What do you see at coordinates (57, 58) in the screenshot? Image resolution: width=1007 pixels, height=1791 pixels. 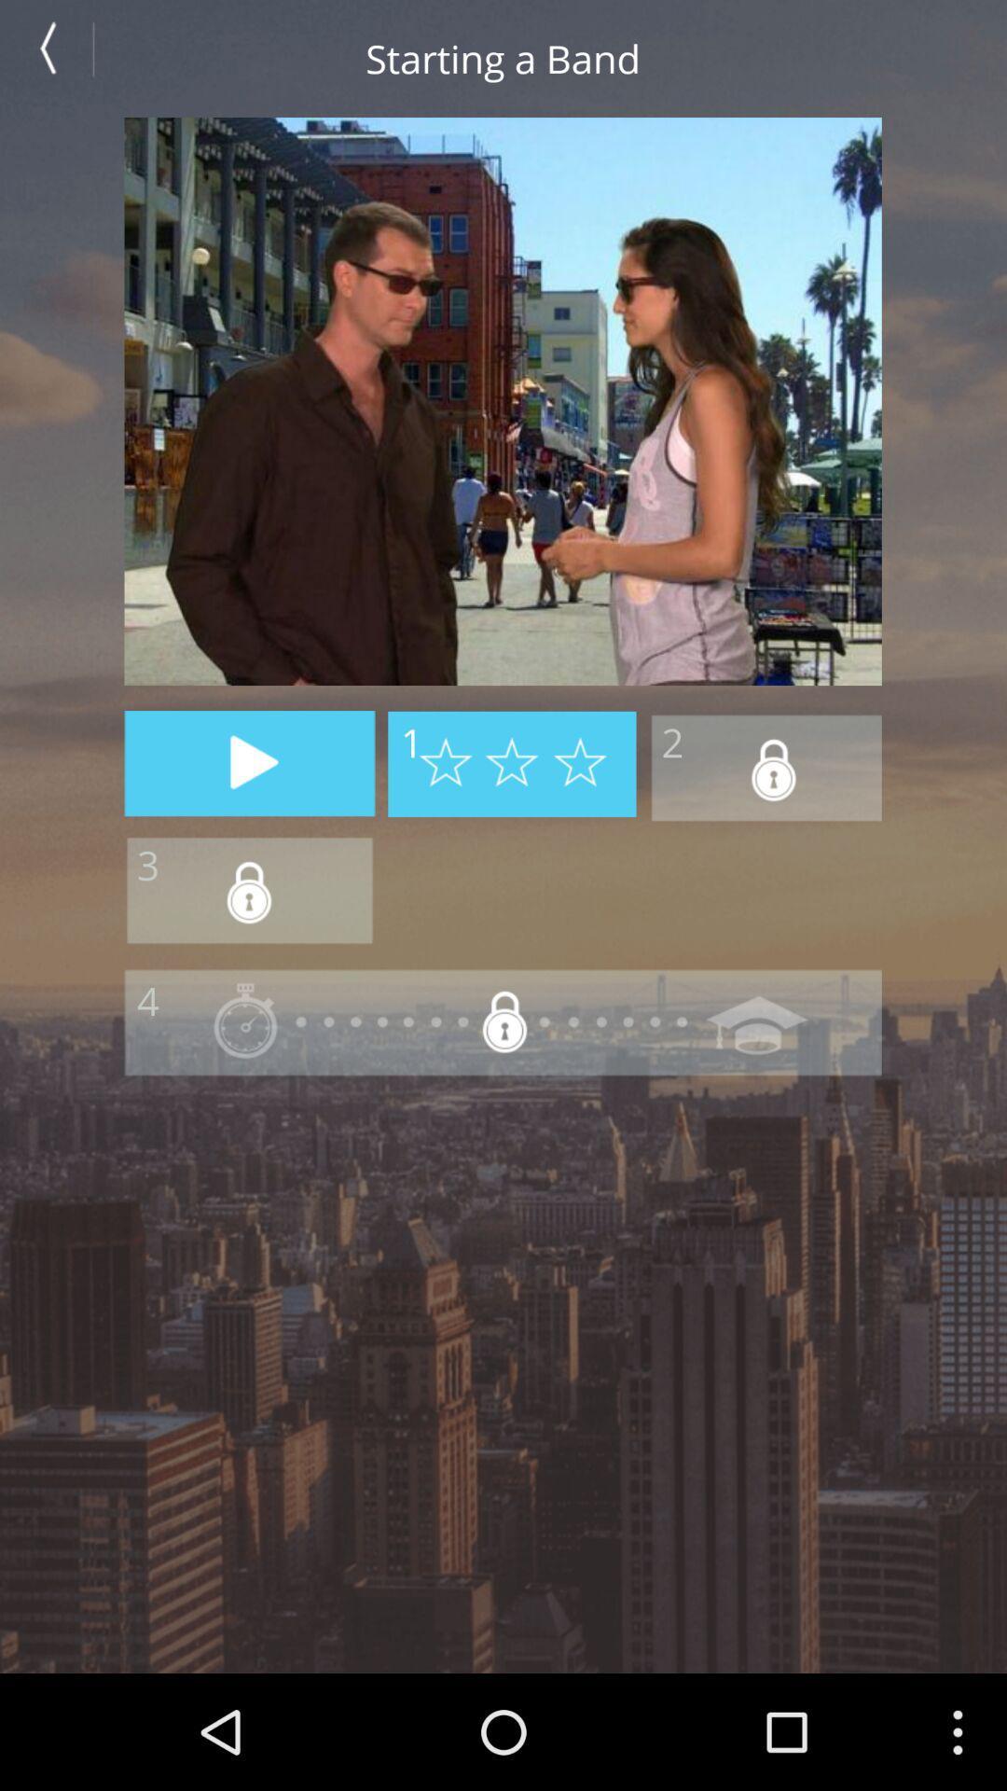 I see `go back` at bounding box center [57, 58].